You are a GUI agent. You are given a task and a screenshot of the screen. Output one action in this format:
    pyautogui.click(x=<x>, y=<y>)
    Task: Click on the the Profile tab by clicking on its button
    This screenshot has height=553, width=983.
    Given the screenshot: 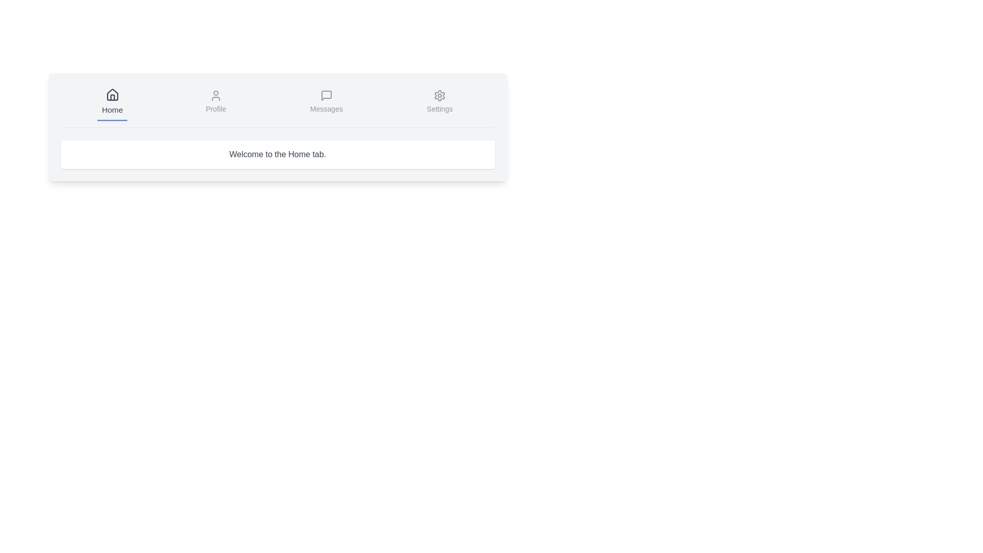 What is the action you would take?
    pyautogui.click(x=215, y=102)
    